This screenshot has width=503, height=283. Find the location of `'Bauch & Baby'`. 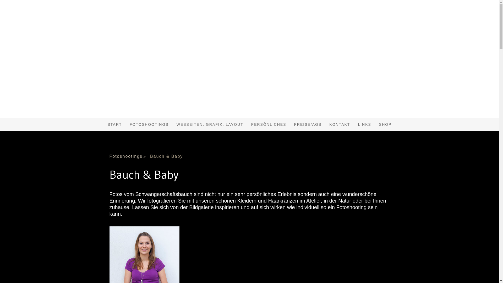

'Bauch & Baby' is located at coordinates (169, 156).